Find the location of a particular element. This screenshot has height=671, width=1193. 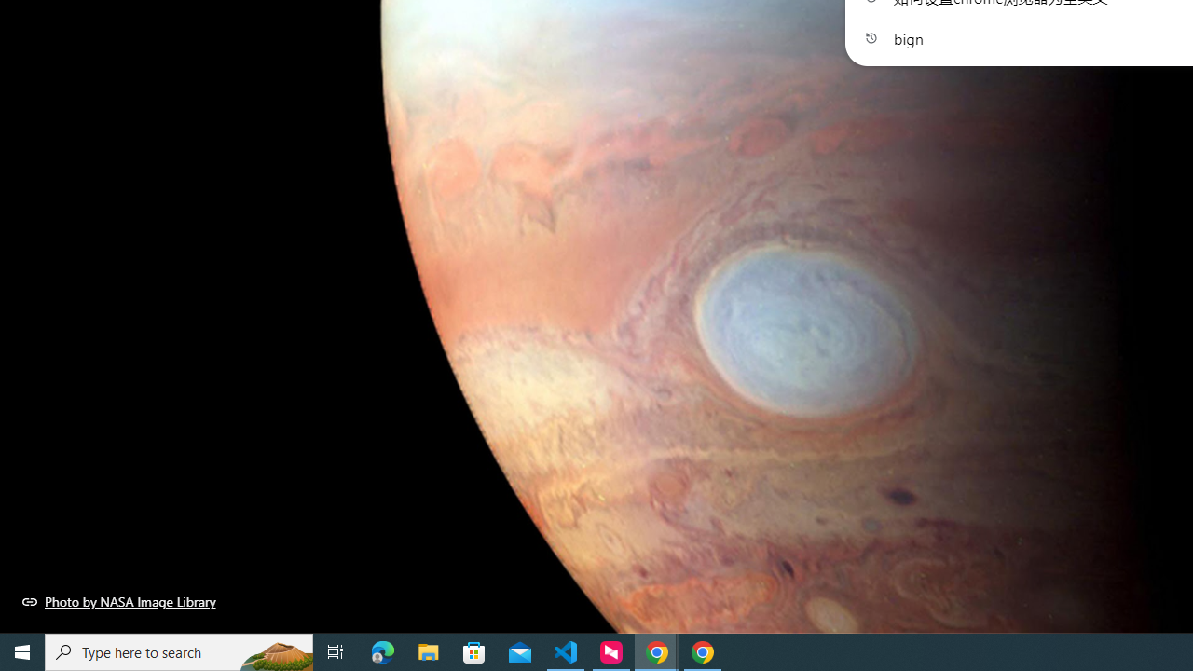

'Photo by NASA Image Library' is located at coordinates (118, 601).